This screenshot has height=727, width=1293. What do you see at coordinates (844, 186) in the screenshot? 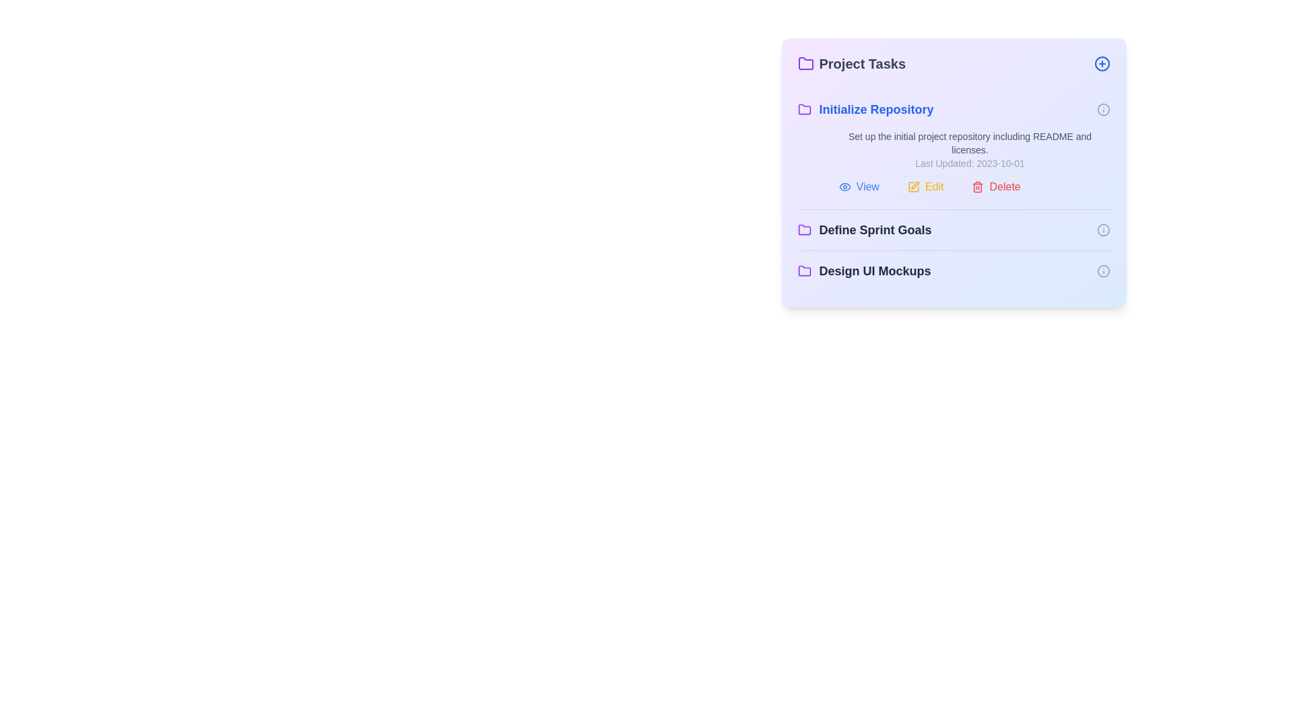
I see `the curved line icon resembling an eye's contour located at the top-right corner of the 'Initialize Repository' task listing` at bounding box center [844, 186].